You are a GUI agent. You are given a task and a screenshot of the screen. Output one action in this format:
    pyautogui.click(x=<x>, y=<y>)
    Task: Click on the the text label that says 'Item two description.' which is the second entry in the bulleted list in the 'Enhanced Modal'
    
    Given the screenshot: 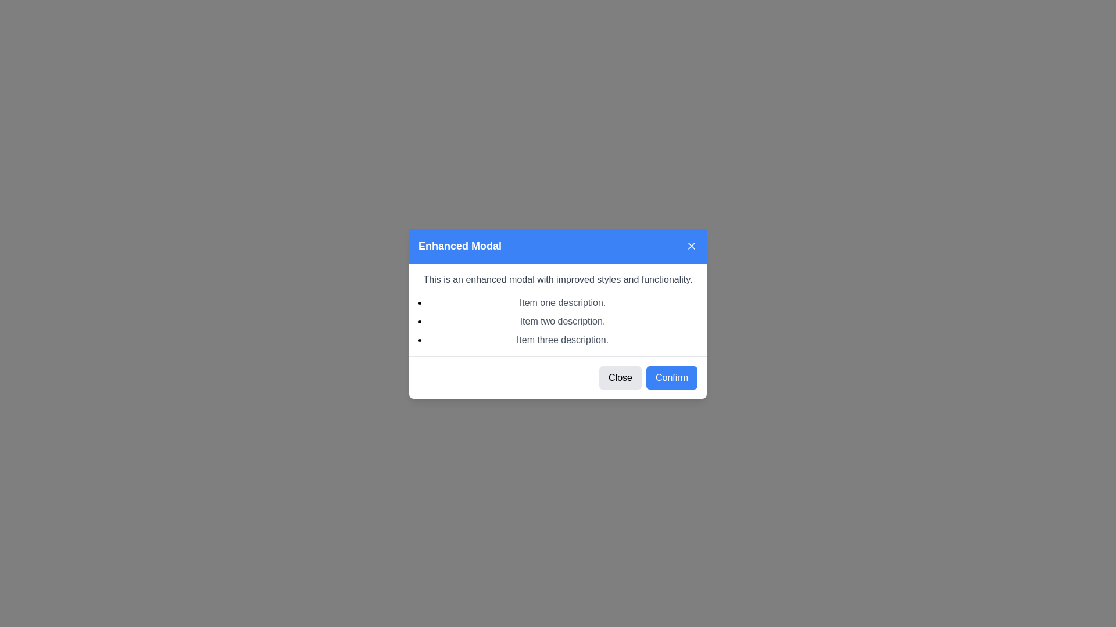 What is the action you would take?
    pyautogui.click(x=563, y=321)
    